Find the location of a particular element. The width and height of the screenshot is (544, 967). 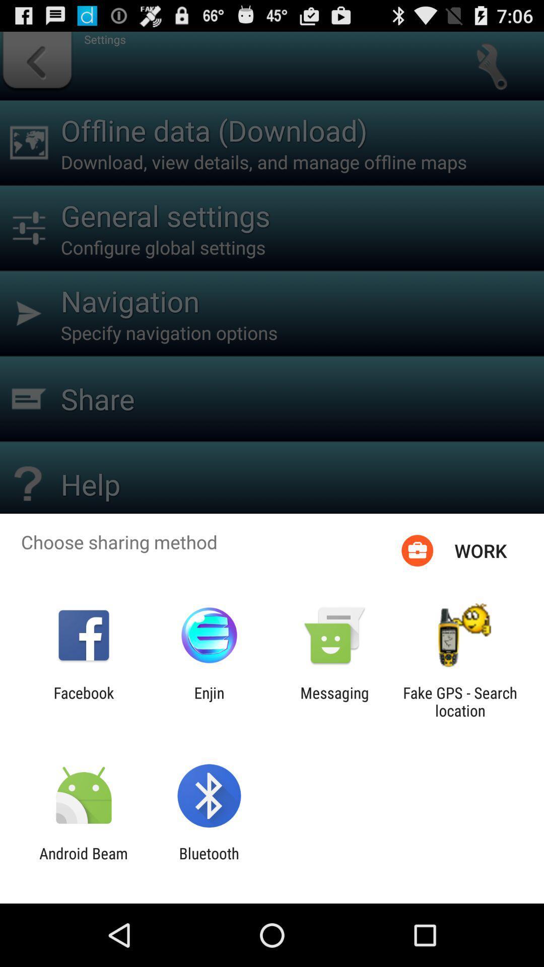

the app to the left of the enjin is located at coordinates (83, 701).